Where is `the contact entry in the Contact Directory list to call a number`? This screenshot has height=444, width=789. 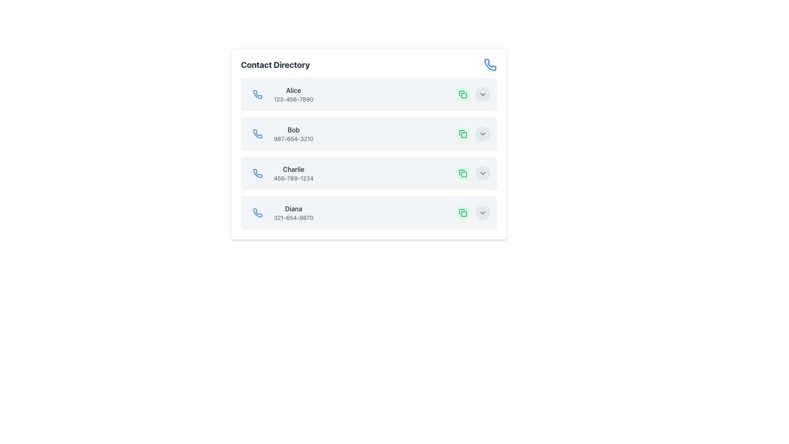 the contact entry in the Contact Directory list to call a number is located at coordinates (368, 154).